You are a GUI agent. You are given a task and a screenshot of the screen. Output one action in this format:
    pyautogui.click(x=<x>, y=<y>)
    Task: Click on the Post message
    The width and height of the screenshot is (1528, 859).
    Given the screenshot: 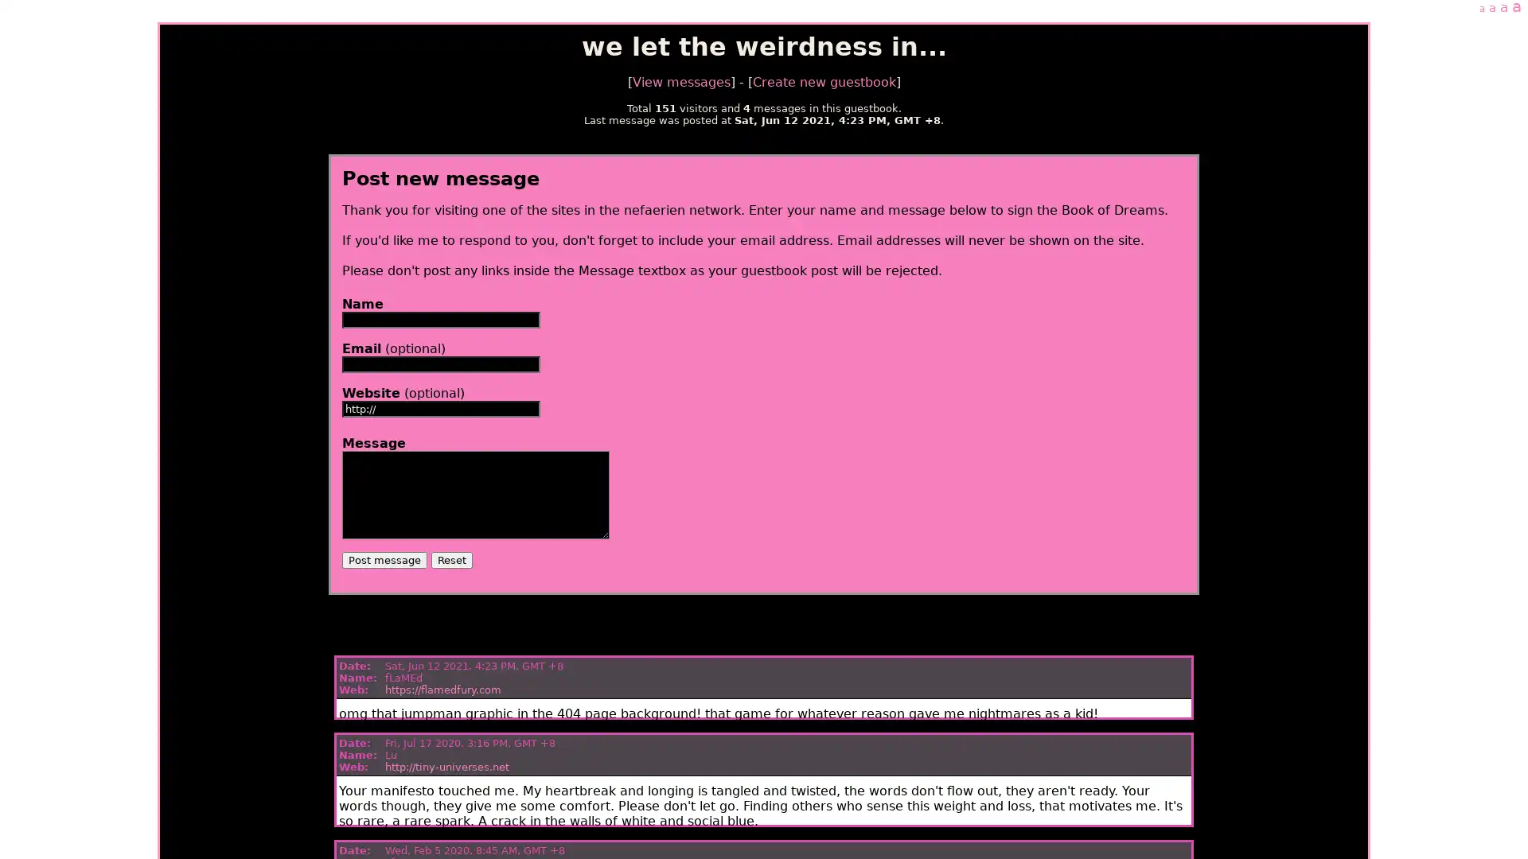 What is the action you would take?
    pyautogui.click(x=384, y=559)
    